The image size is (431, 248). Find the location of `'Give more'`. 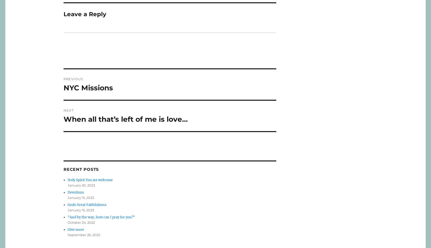

'Give more' is located at coordinates (76, 229).